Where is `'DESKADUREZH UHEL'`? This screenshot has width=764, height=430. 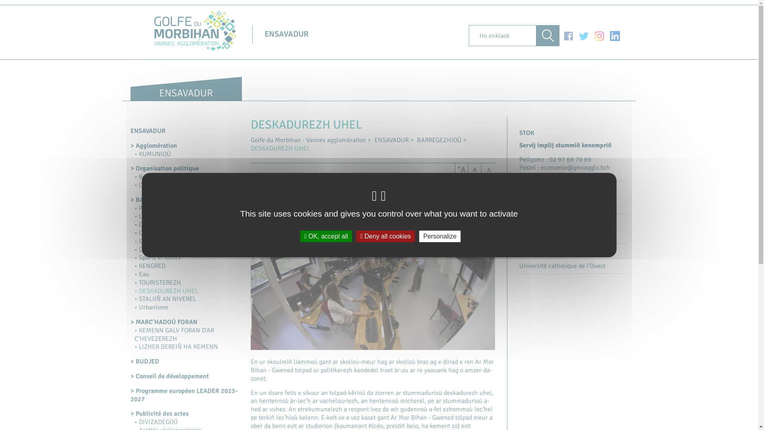
'DESKADUREZH UHEL' is located at coordinates (166, 291).